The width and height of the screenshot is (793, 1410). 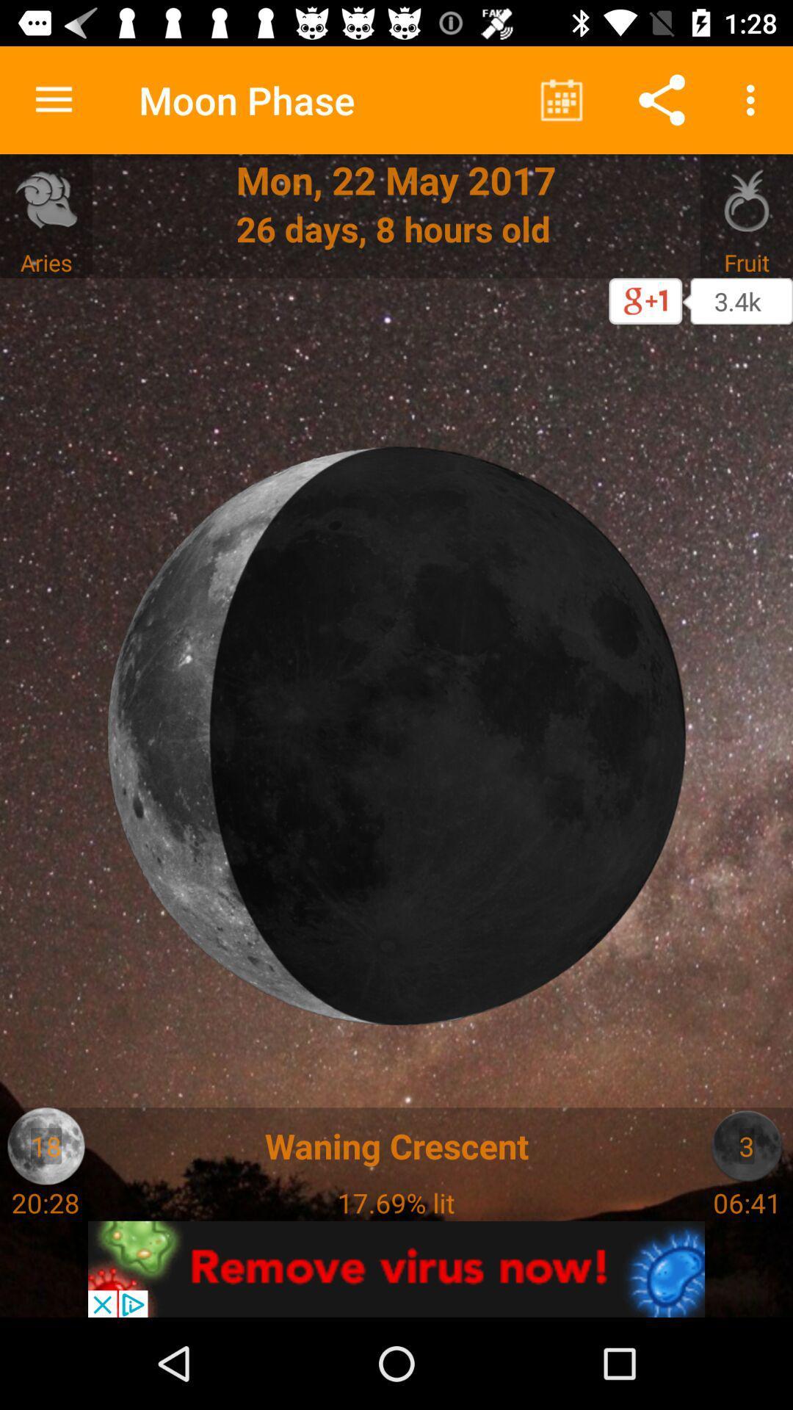 I want to click on side, so click(x=747, y=1145).